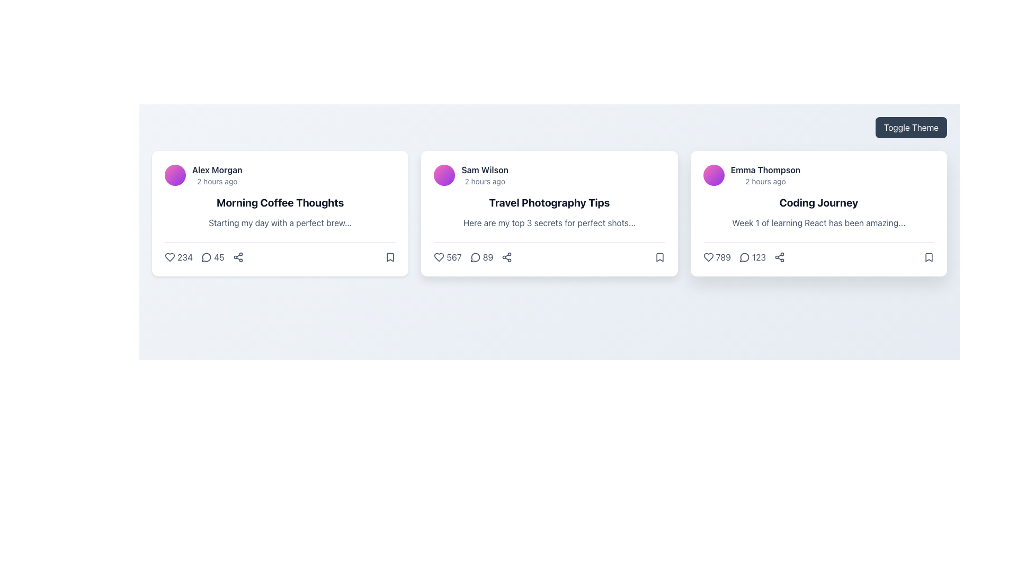 The image size is (1017, 572). I want to click on the like icon located at the bottom-left of the 'Travel Photography Tips' card, which is the first element in the group before the text '567', so click(439, 257).